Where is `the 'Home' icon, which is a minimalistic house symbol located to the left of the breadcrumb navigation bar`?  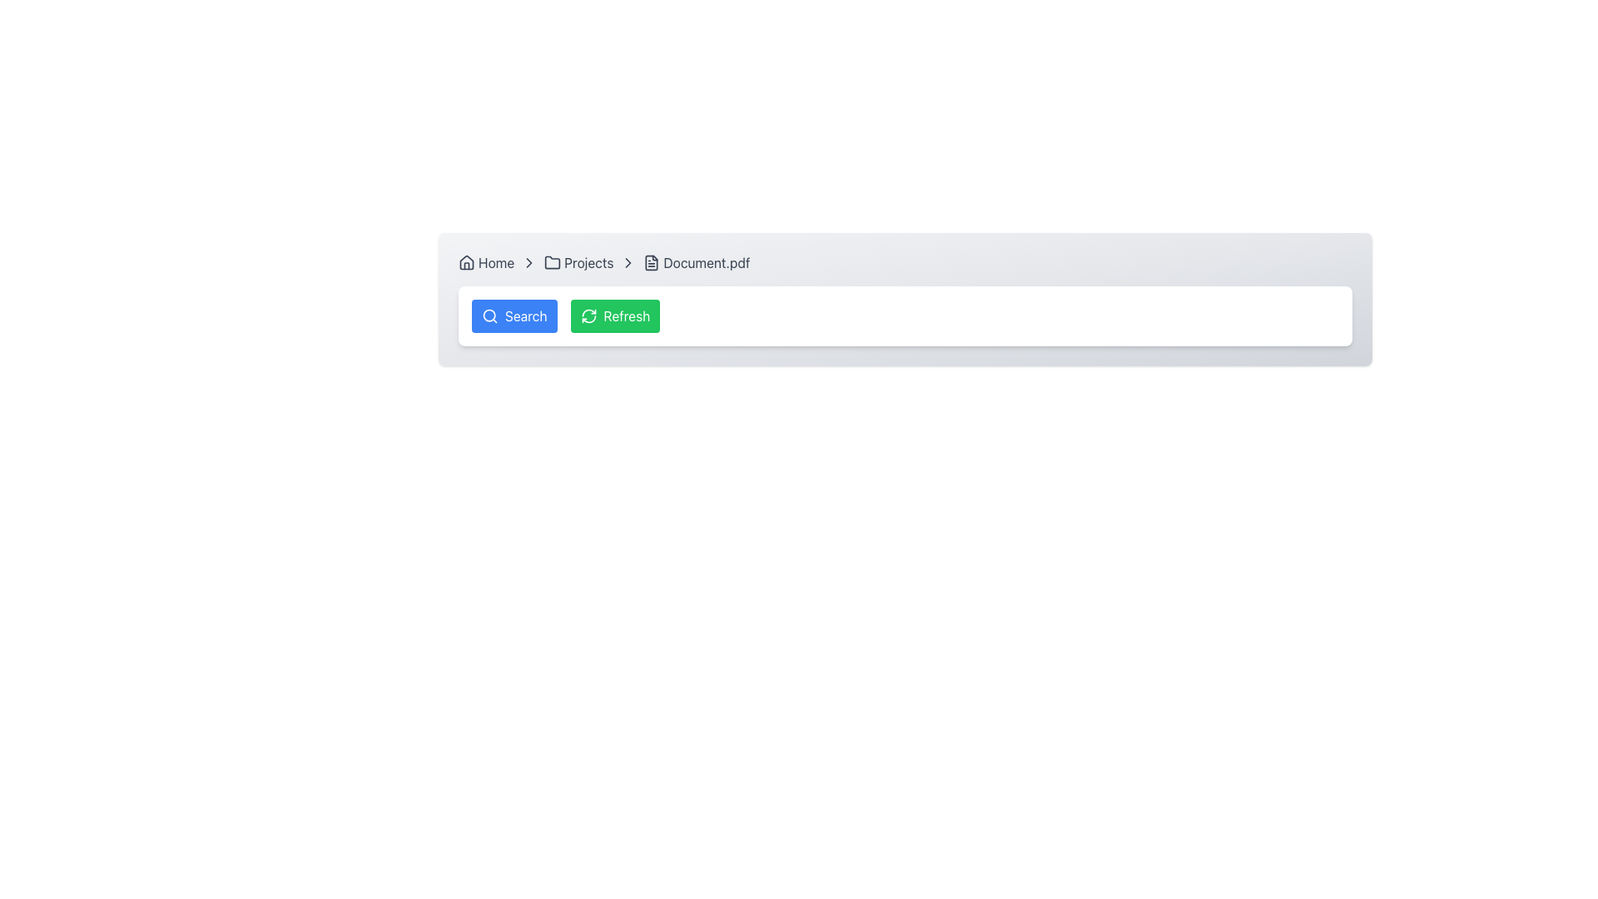
the 'Home' icon, which is a minimalistic house symbol located to the left of the breadcrumb navigation bar is located at coordinates (466, 262).